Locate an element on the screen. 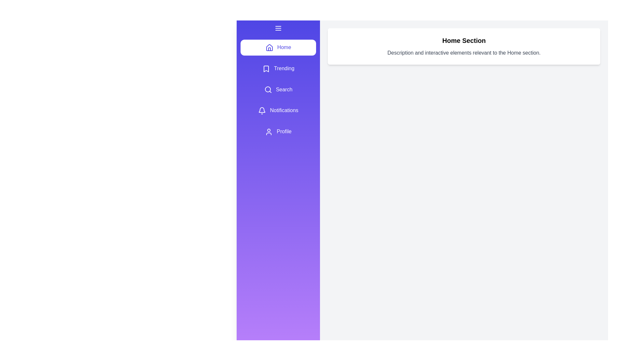 The height and width of the screenshot is (351, 625). the navigation option Home by clicking on it is located at coordinates (278, 47).